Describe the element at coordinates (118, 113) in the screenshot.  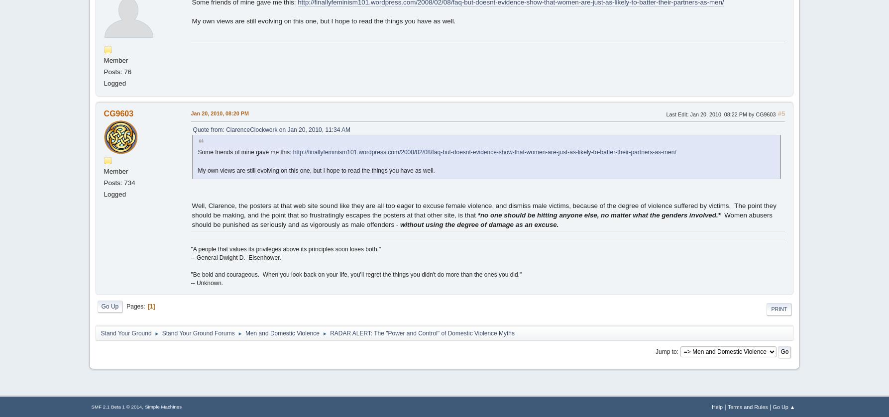
I see `'CG9603'` at that location.